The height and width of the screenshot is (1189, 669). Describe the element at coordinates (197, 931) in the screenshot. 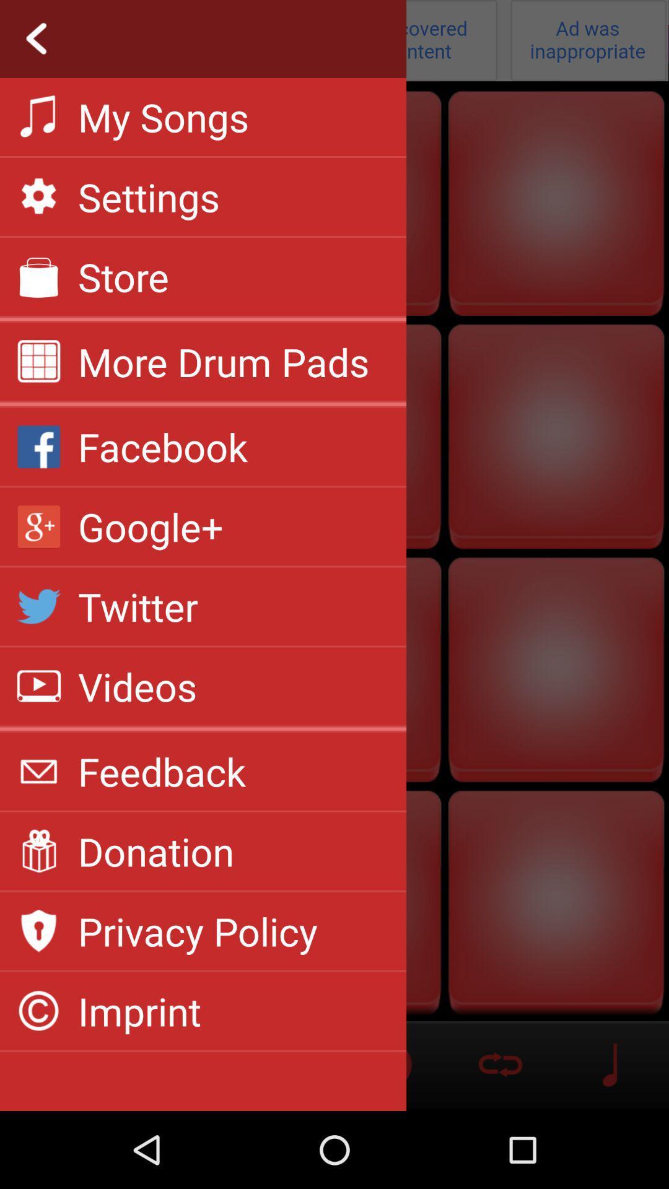

I see `the app above imprint` at that location.